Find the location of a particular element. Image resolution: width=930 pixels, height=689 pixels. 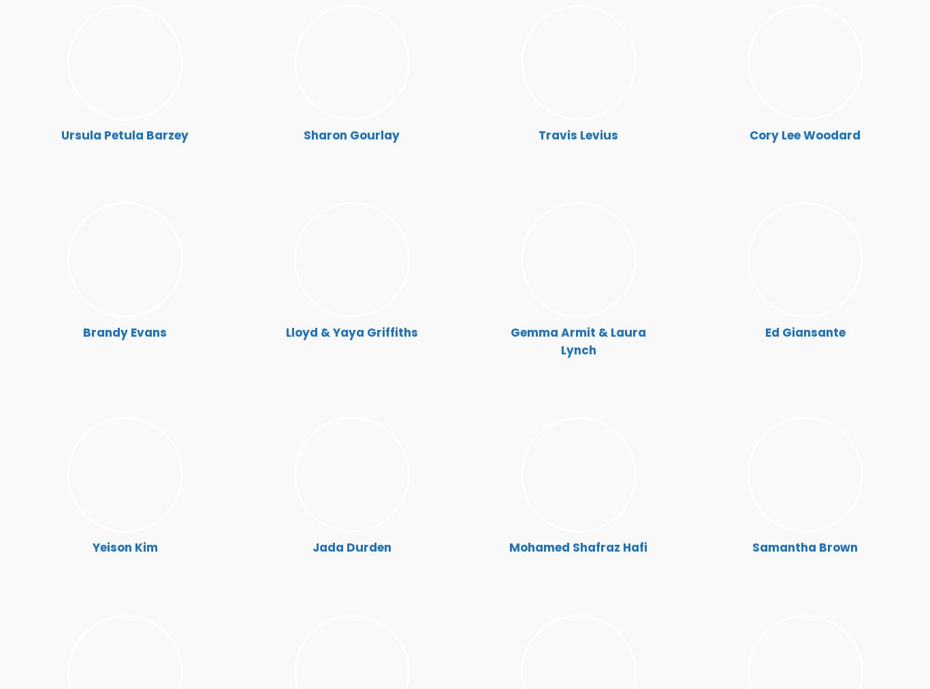

'Lloyd & Yaya Griffiths' is located at coordinates (351, 331).